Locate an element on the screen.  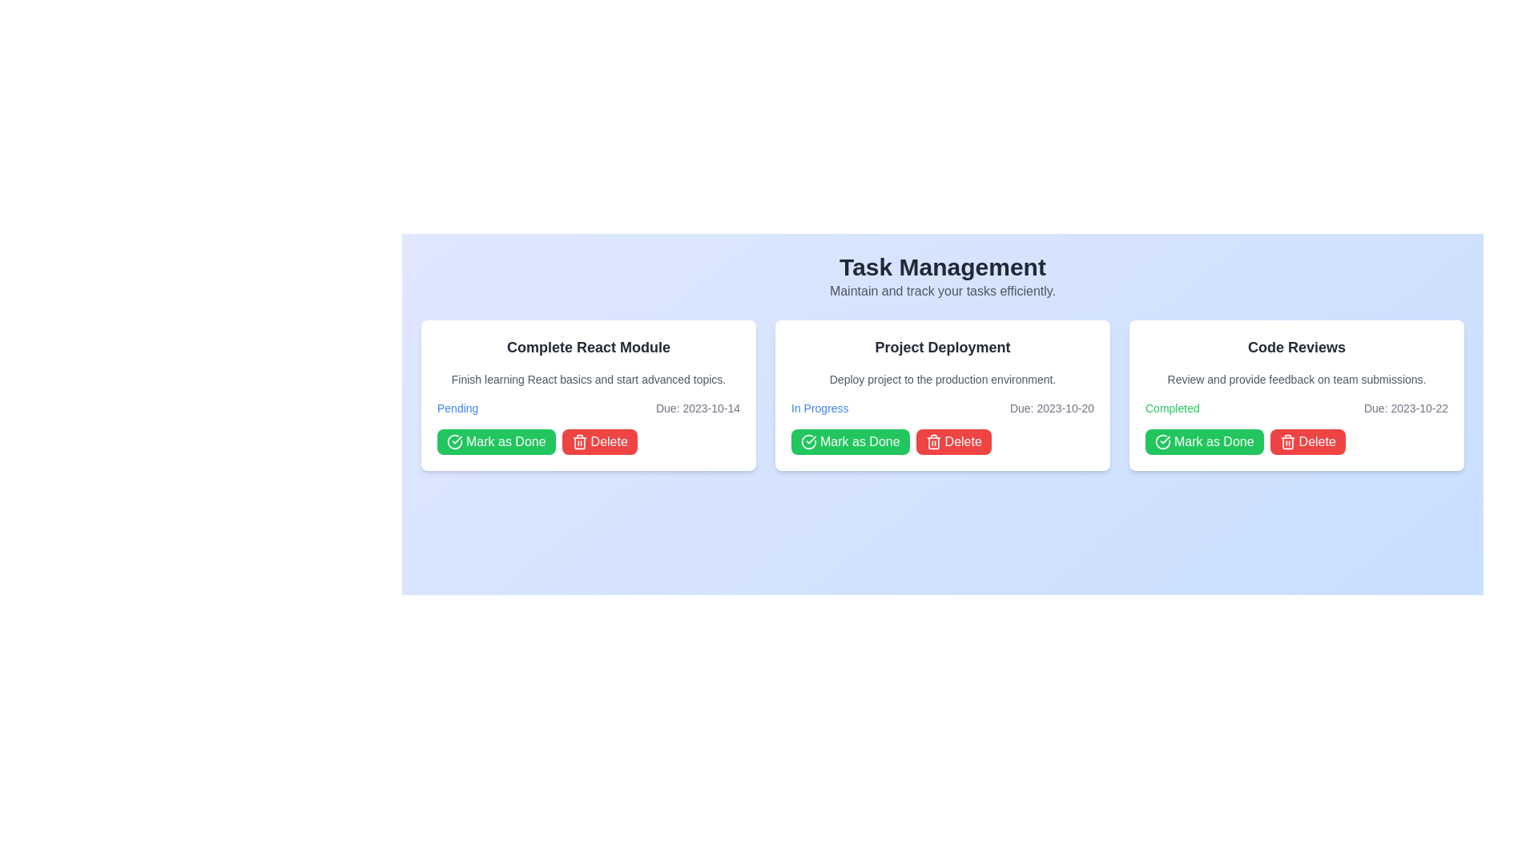
the static text element providing details about 'Project Deployment', which is positioned beneath the title and above the status indicator is located at coordinates (942, 380).